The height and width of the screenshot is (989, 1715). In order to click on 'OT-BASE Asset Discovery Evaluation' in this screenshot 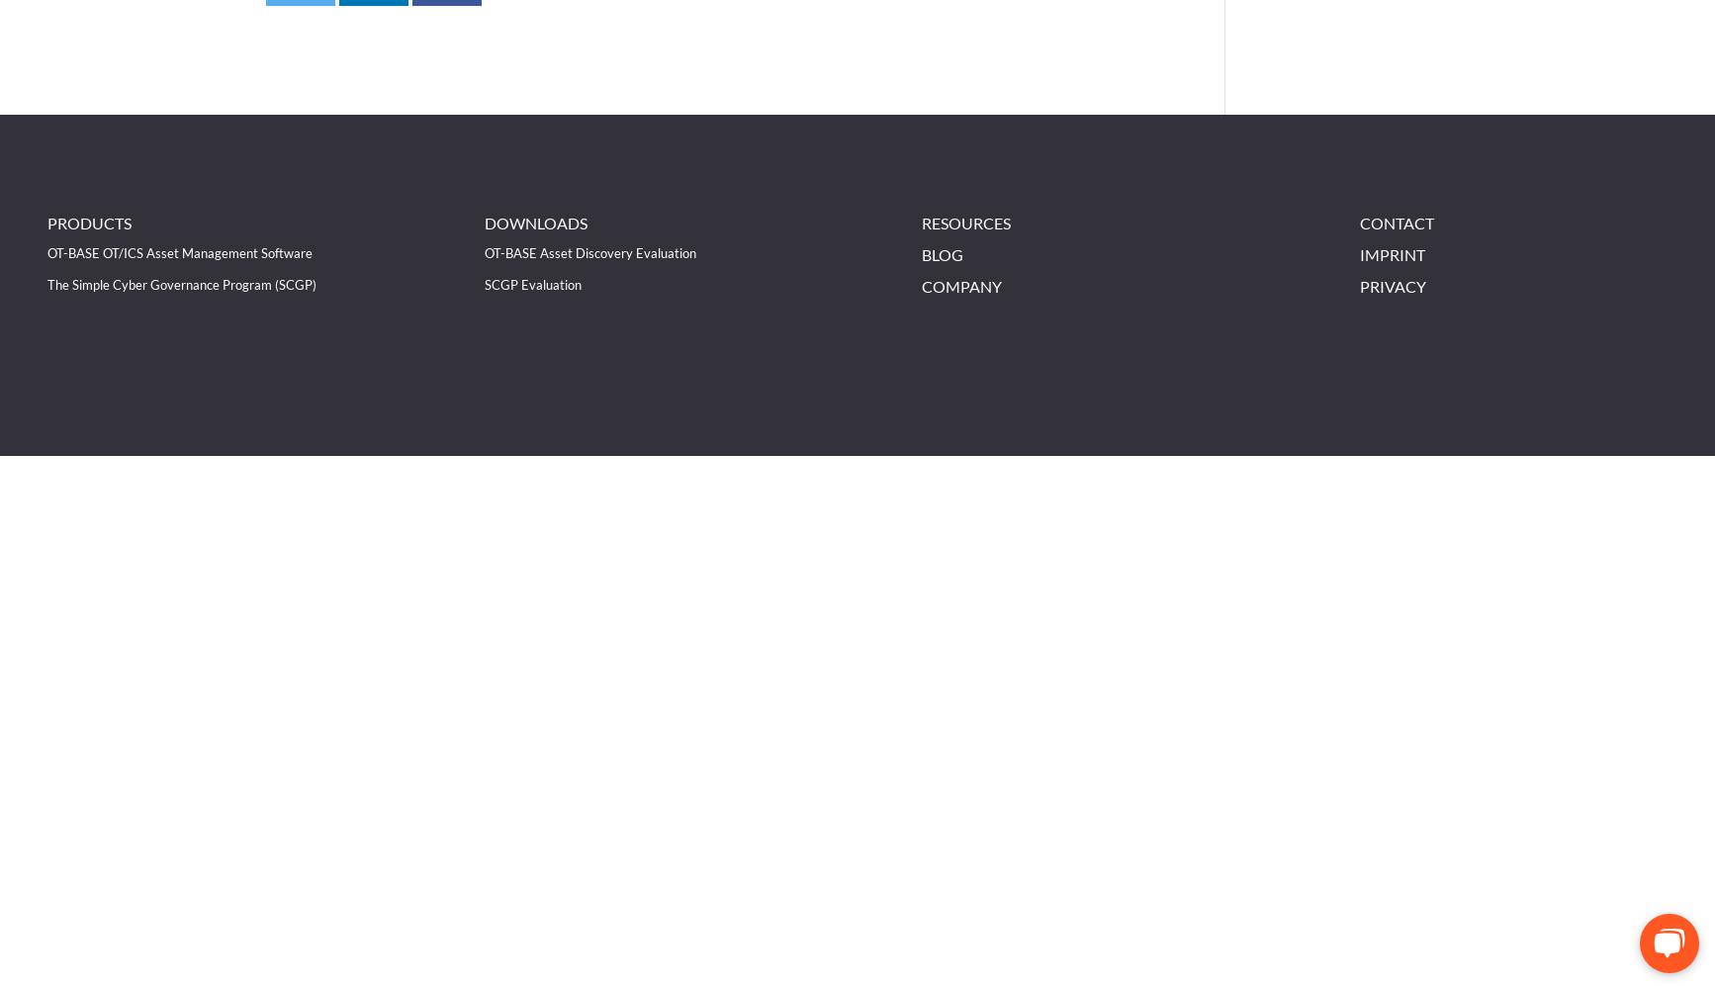, I will do `click(484, 252)`.